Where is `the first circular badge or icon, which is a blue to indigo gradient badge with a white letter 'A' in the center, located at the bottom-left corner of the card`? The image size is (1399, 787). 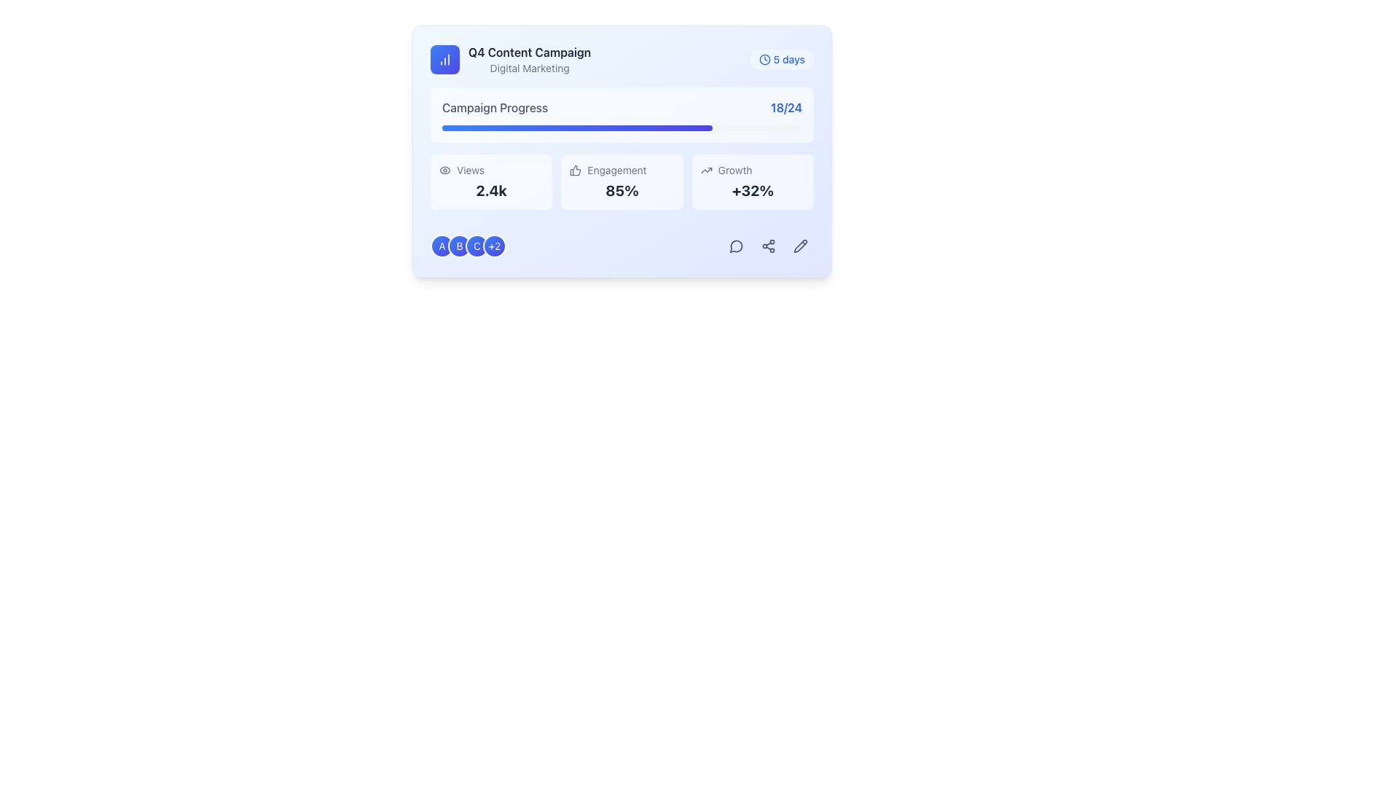
the first circular badge or icon, which is a blue to indigo gradient badge with a white letter 'A' in the center, located at the bottom-left corner of the card is located at coordinates (441, 246).